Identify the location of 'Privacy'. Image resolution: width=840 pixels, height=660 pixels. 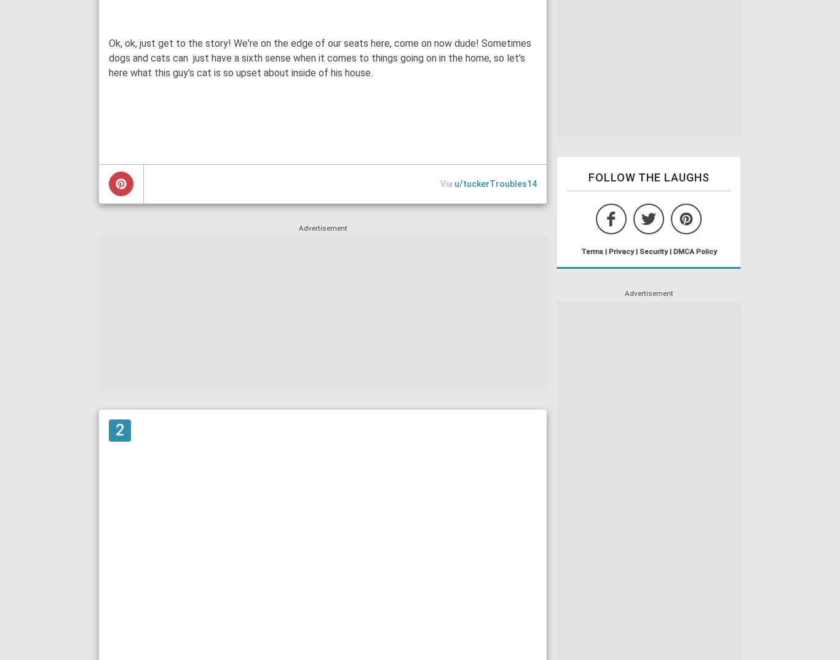
(620, 250).